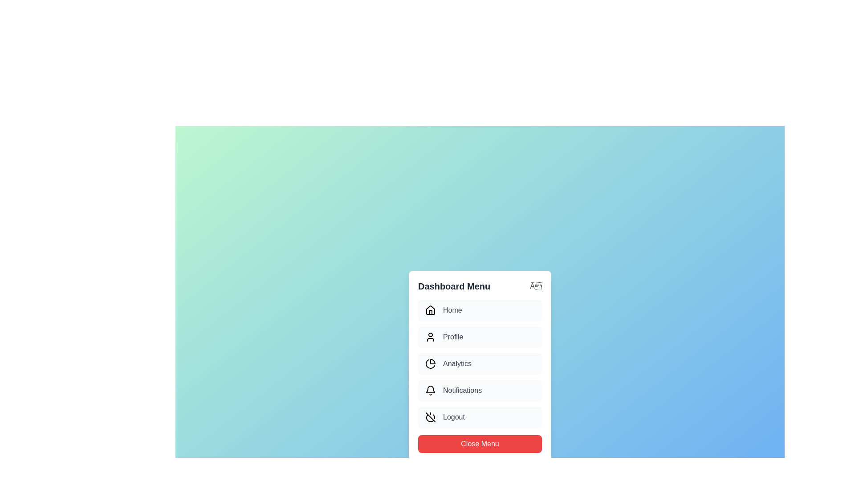 This screenshot has height=481, width=855. I want to click on the menu item Analytics, so click(480, 364).